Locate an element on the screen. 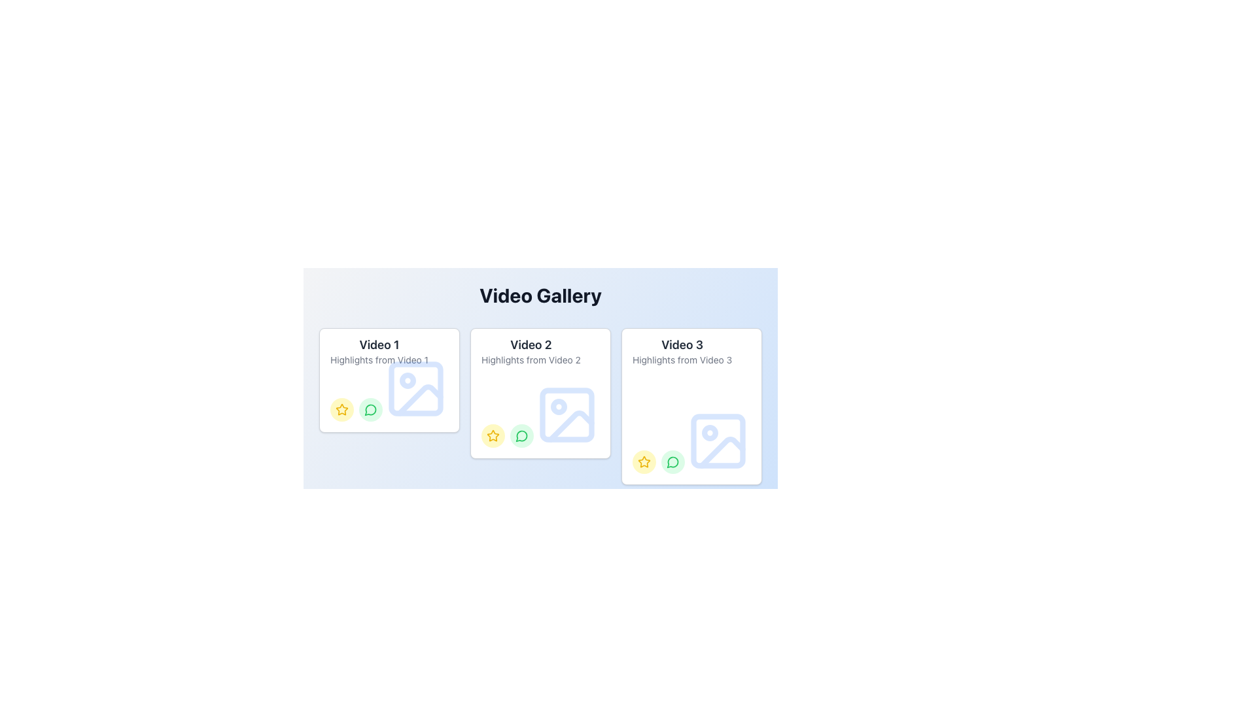 This screenshot has height=706, width=1256. title and subtitle text located at the top-left corner of the 'Video 3' card, which provides context about the video content is located at coordinates (682, 353).